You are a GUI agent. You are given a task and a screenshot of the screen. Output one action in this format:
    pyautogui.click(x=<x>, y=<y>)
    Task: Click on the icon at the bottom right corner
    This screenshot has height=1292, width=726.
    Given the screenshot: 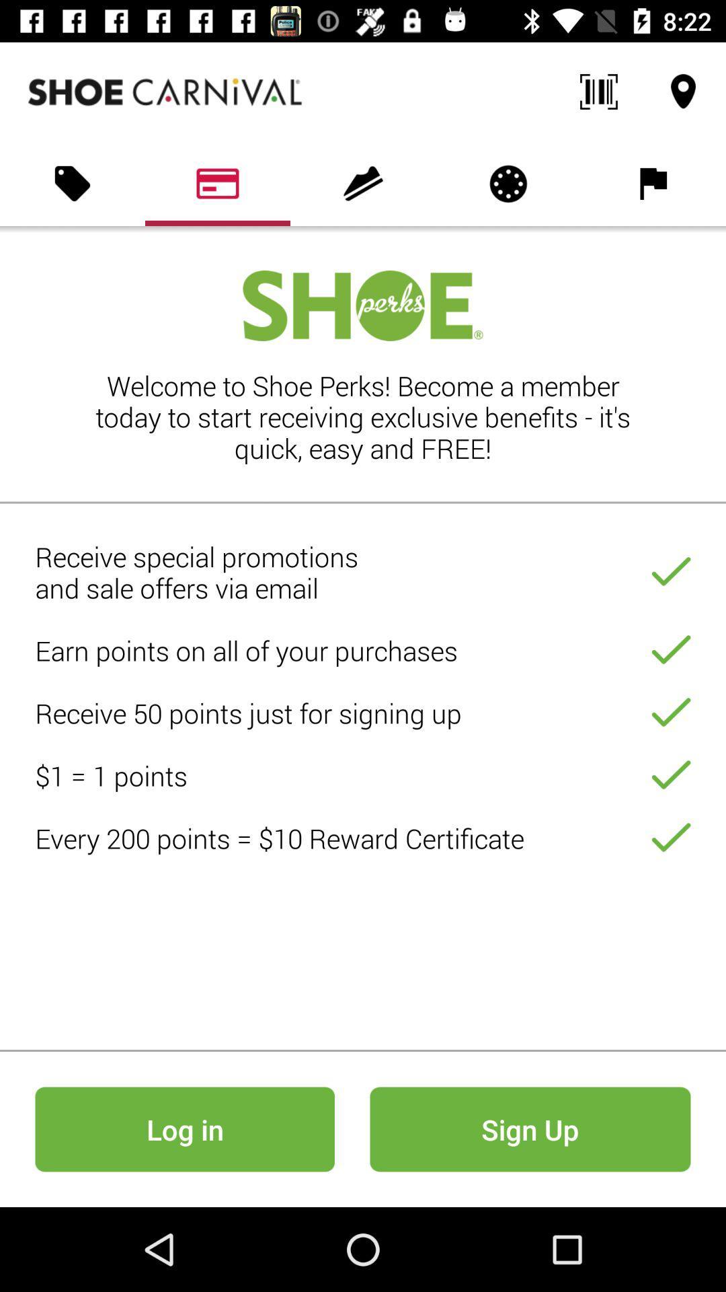 What is the action you would take?
    pyautogui.click(x=530, y=1129)
    